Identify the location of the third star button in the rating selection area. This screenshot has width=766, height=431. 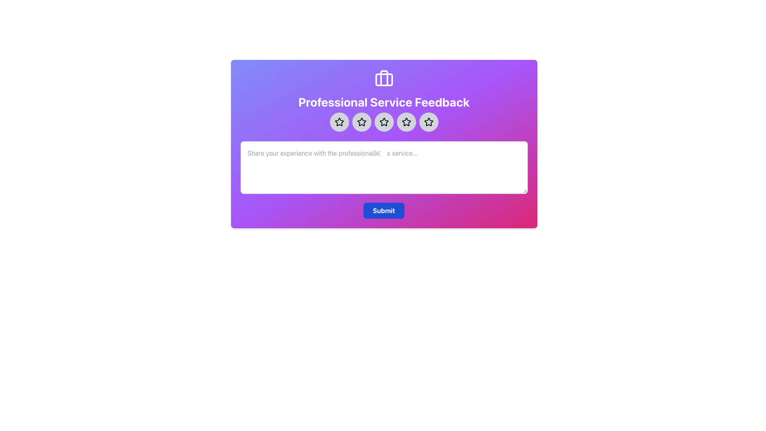
(384, 122).